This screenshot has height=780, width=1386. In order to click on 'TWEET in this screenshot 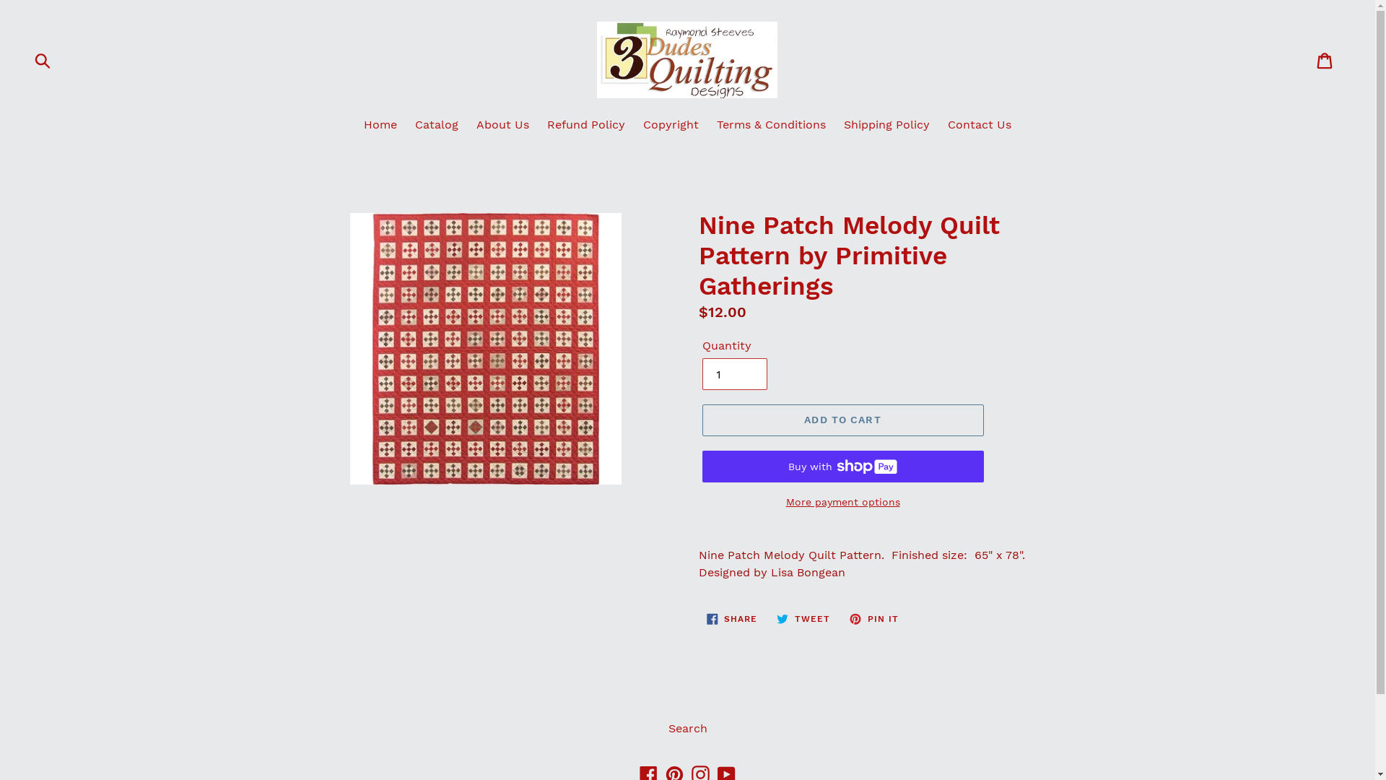, I will do `click(768, 617)`.